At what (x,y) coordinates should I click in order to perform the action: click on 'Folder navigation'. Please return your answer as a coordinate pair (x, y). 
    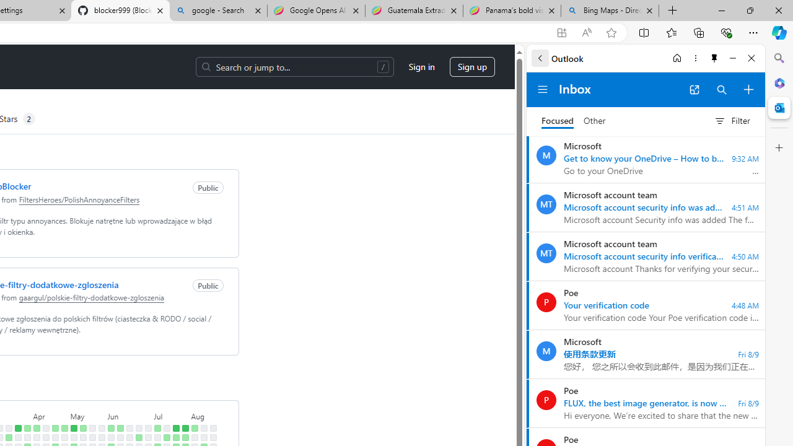
    Looking at the image, I should click on (543, 89).